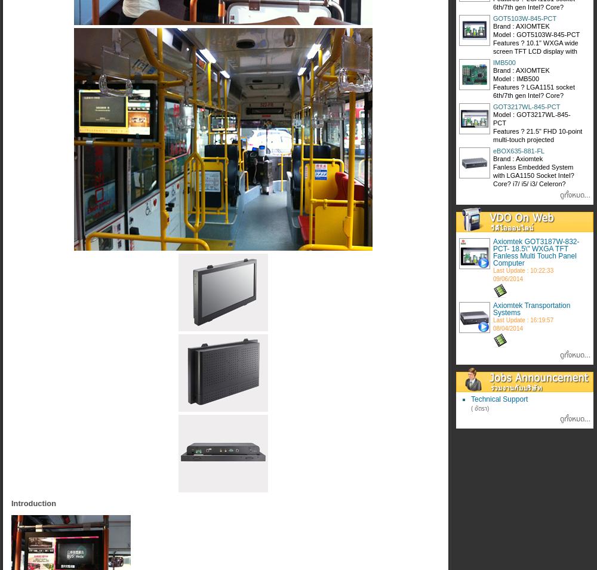 This screenshot has height=570, width=597. What do you see at coordinates (531, 309) in the screenshot?
I see `'Axiomtek Transportation Systems'` at bounding box center [531, 309].